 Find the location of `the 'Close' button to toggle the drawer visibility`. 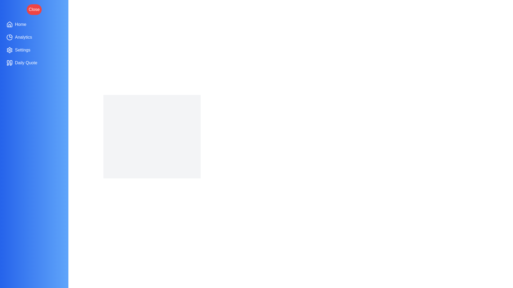

the 'Close' button to toggle the drawer visibility is located at coordinates (34, 9).